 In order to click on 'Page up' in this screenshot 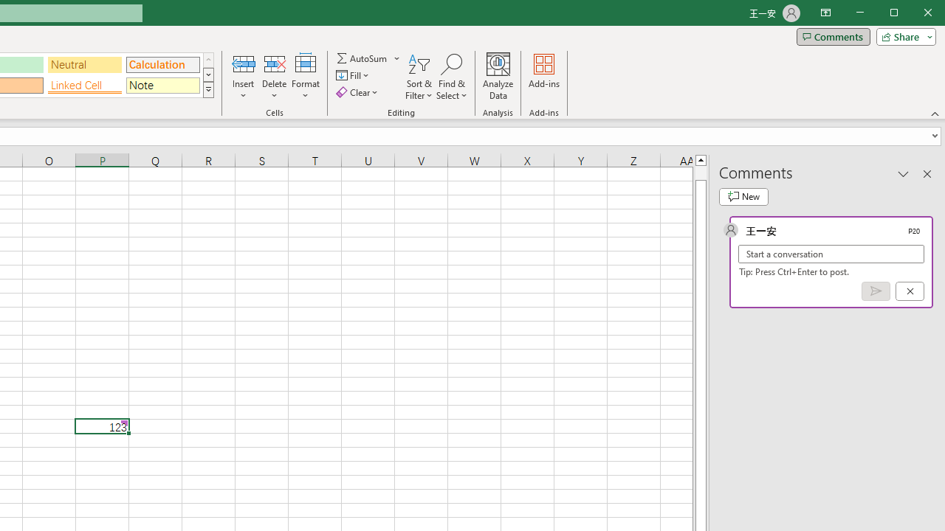, I will do `click(700, 172)`.